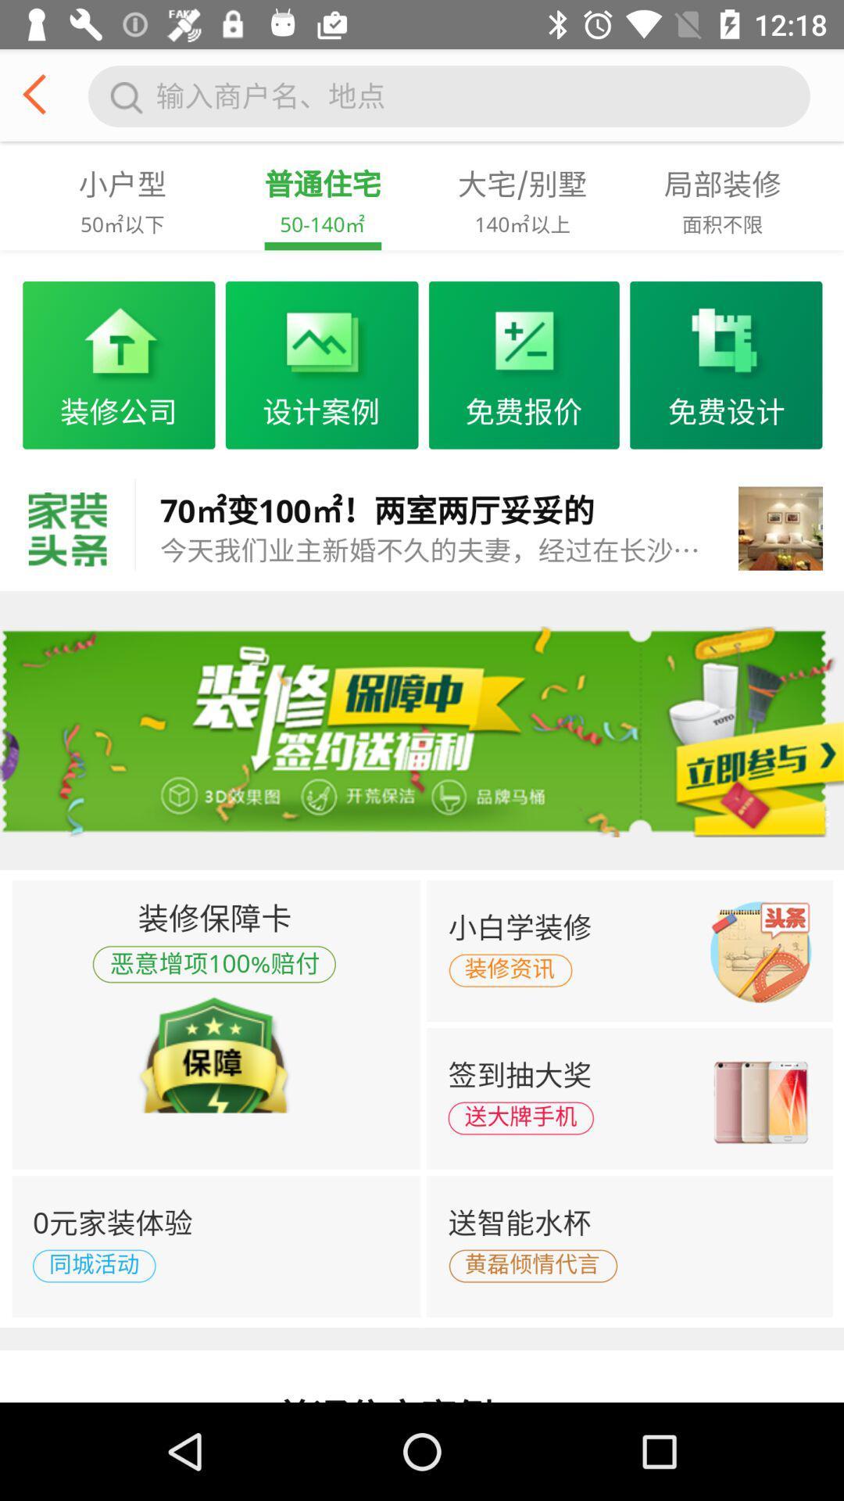 The height and width of the screenshot is (1501, 844). What do you see at coordinates (40, 99) in the screenshot?
I see `the arrow_backward icon` at bounding box center [40, 99].